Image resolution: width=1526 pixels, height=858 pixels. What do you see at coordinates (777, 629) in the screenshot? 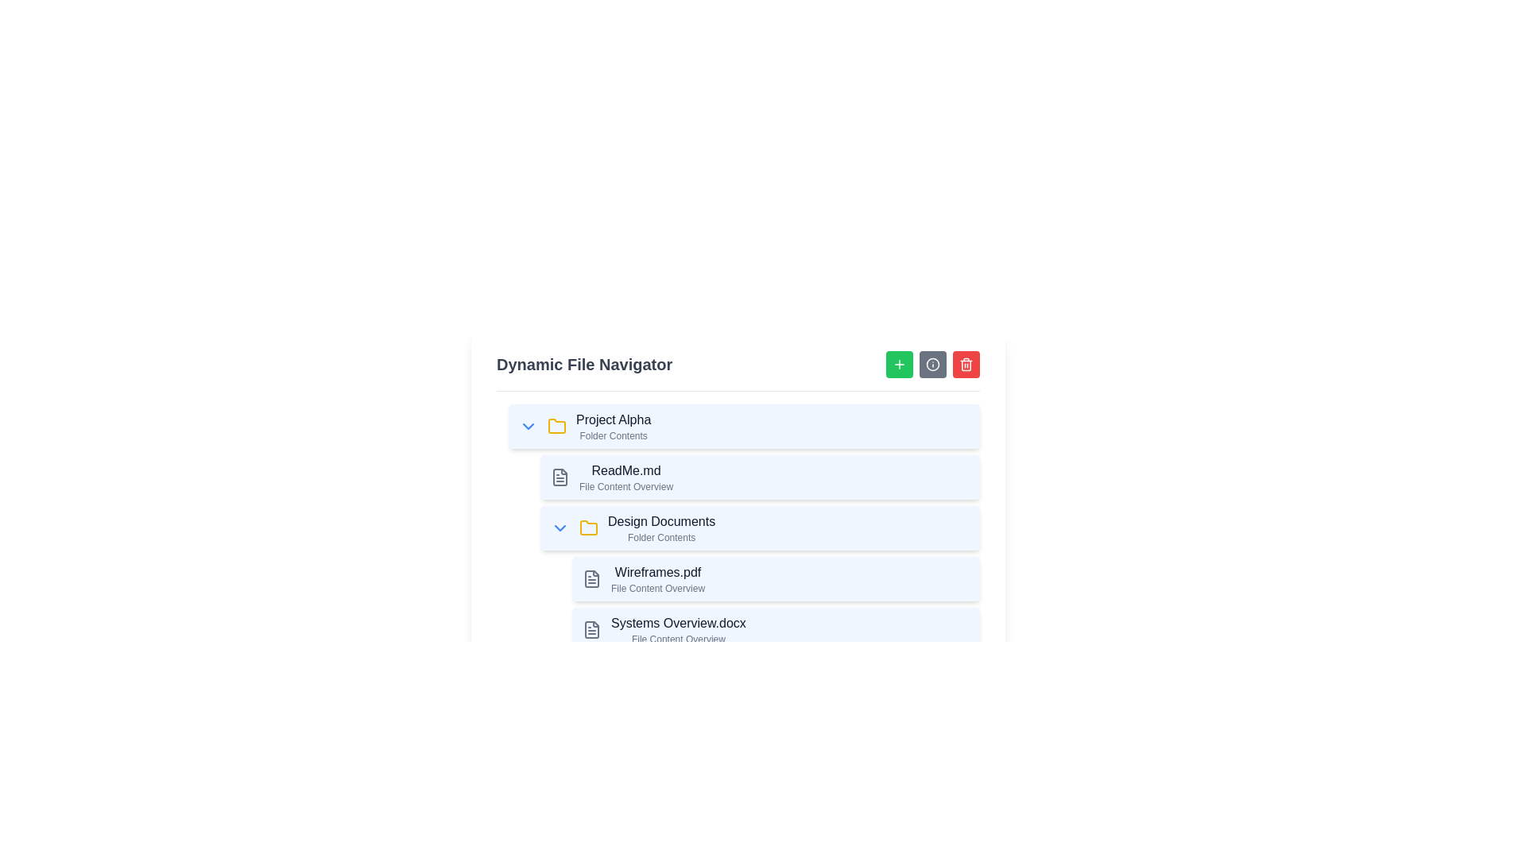
I see `the rectangular button labeled 'Systems Overview.docx' with a light blue background` at bounding box center [777, 629].